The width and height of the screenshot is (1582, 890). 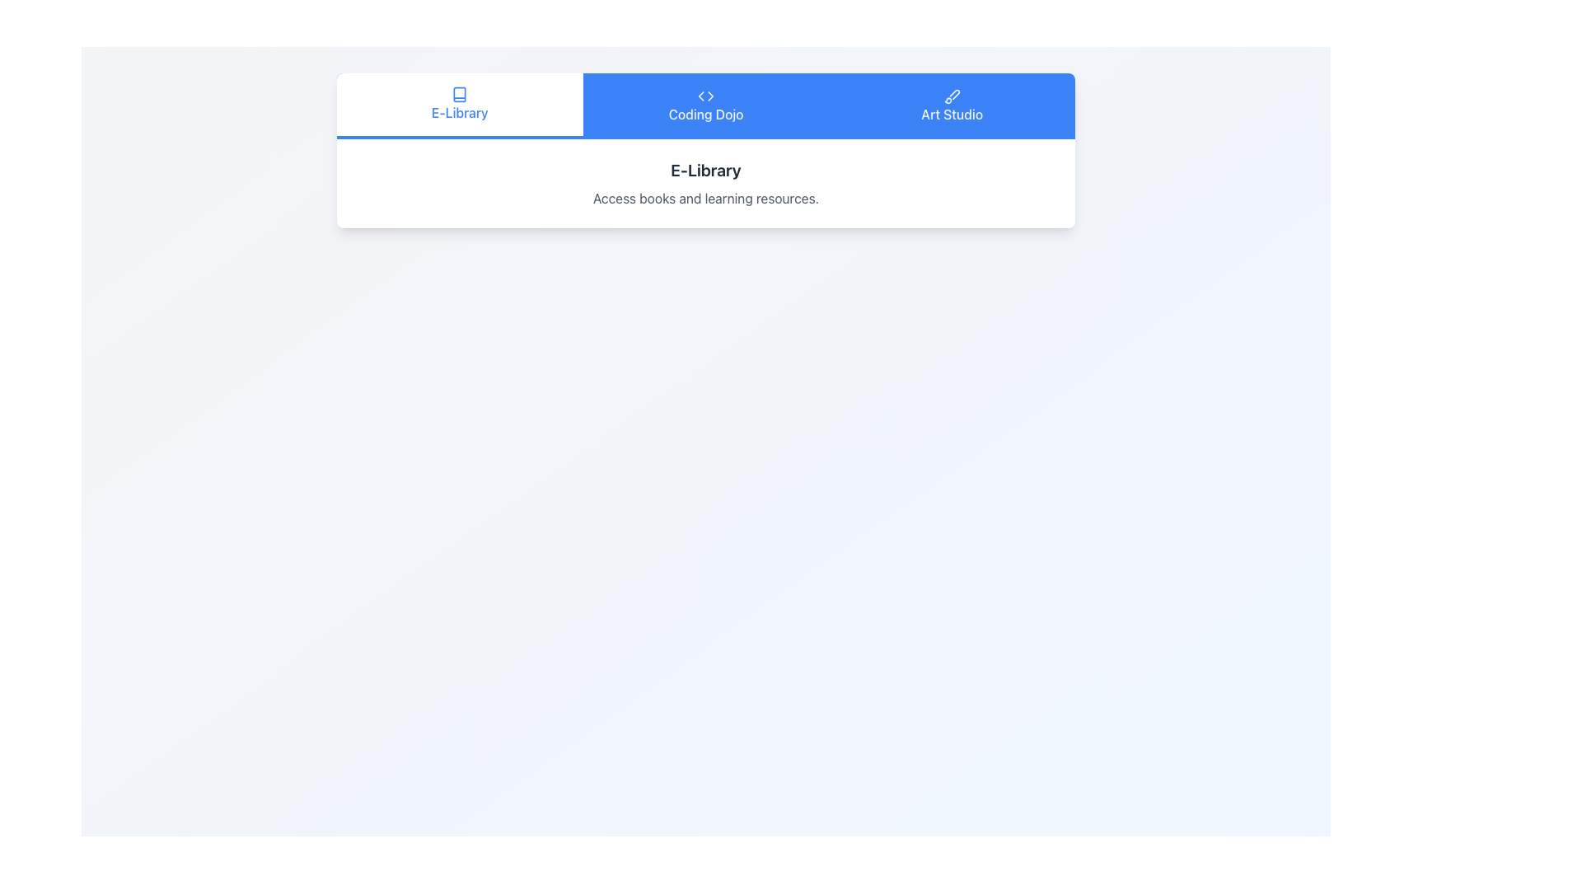 What do you see at coordinates (460, 95) in the screenshot?
I see `the small book icon located above the 'E-Library' text in the navigation bar` at bounding box center [460, 95].